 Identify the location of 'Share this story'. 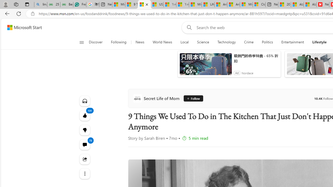
(85, 159).